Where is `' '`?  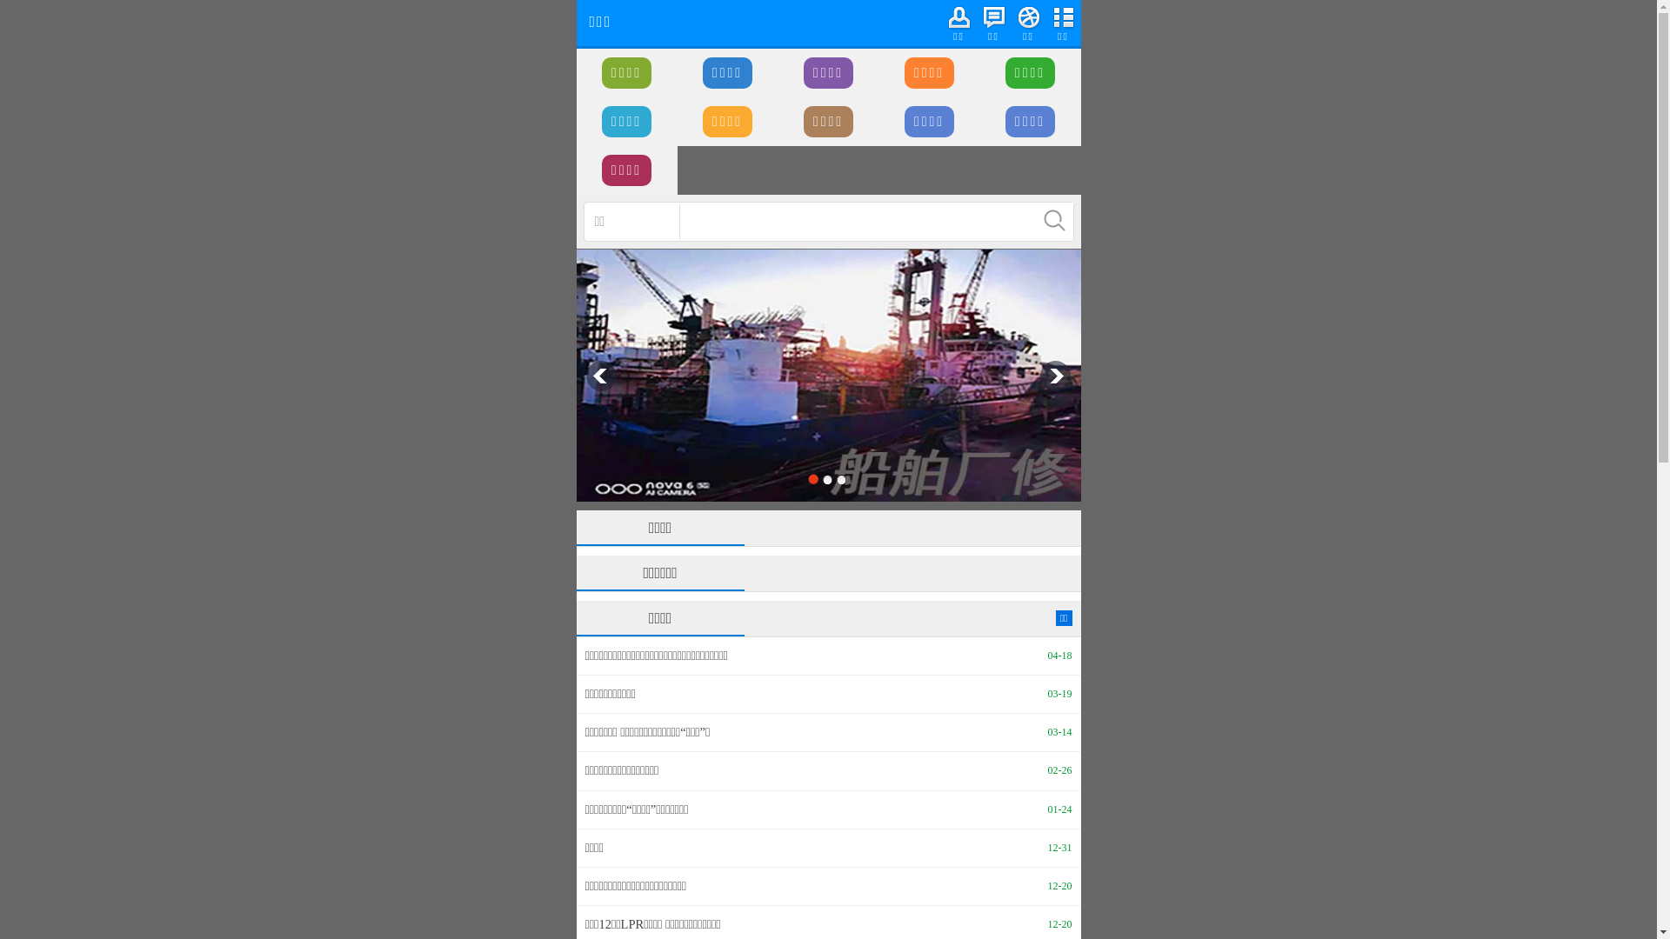 ' ' is located at coordinates (1054, 220).